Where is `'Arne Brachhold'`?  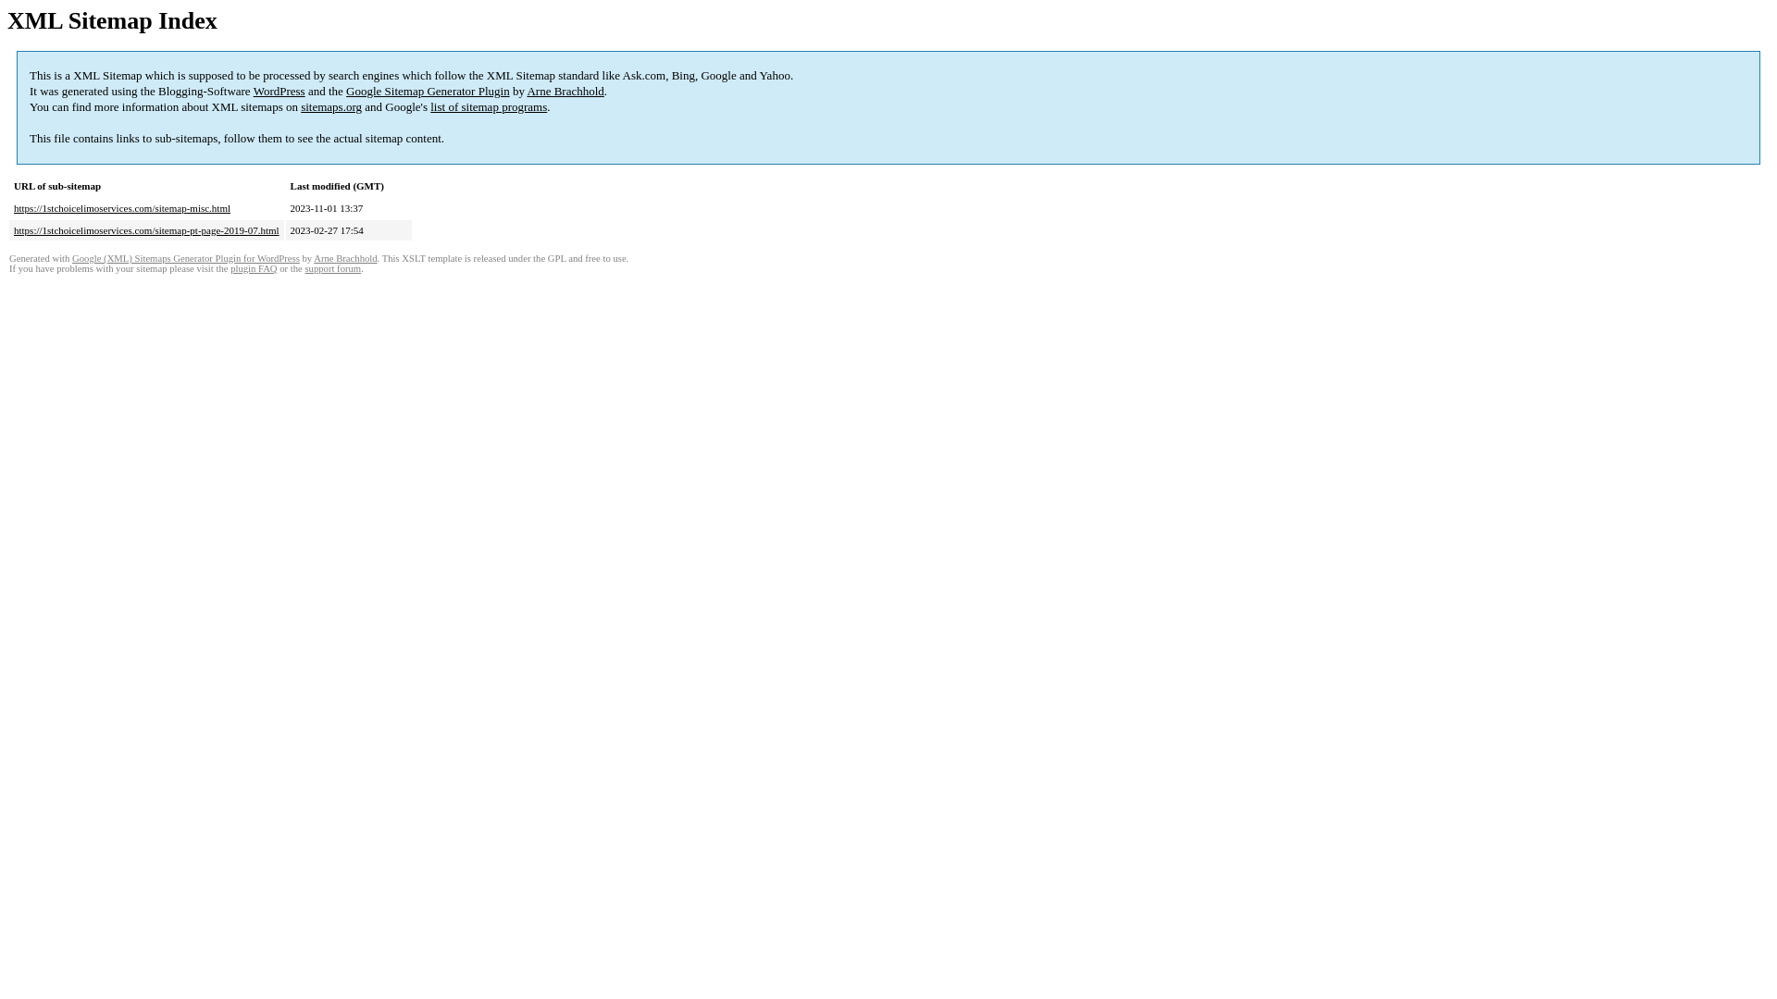 'Arne Brachhold' is located at coordinates (564, 91).